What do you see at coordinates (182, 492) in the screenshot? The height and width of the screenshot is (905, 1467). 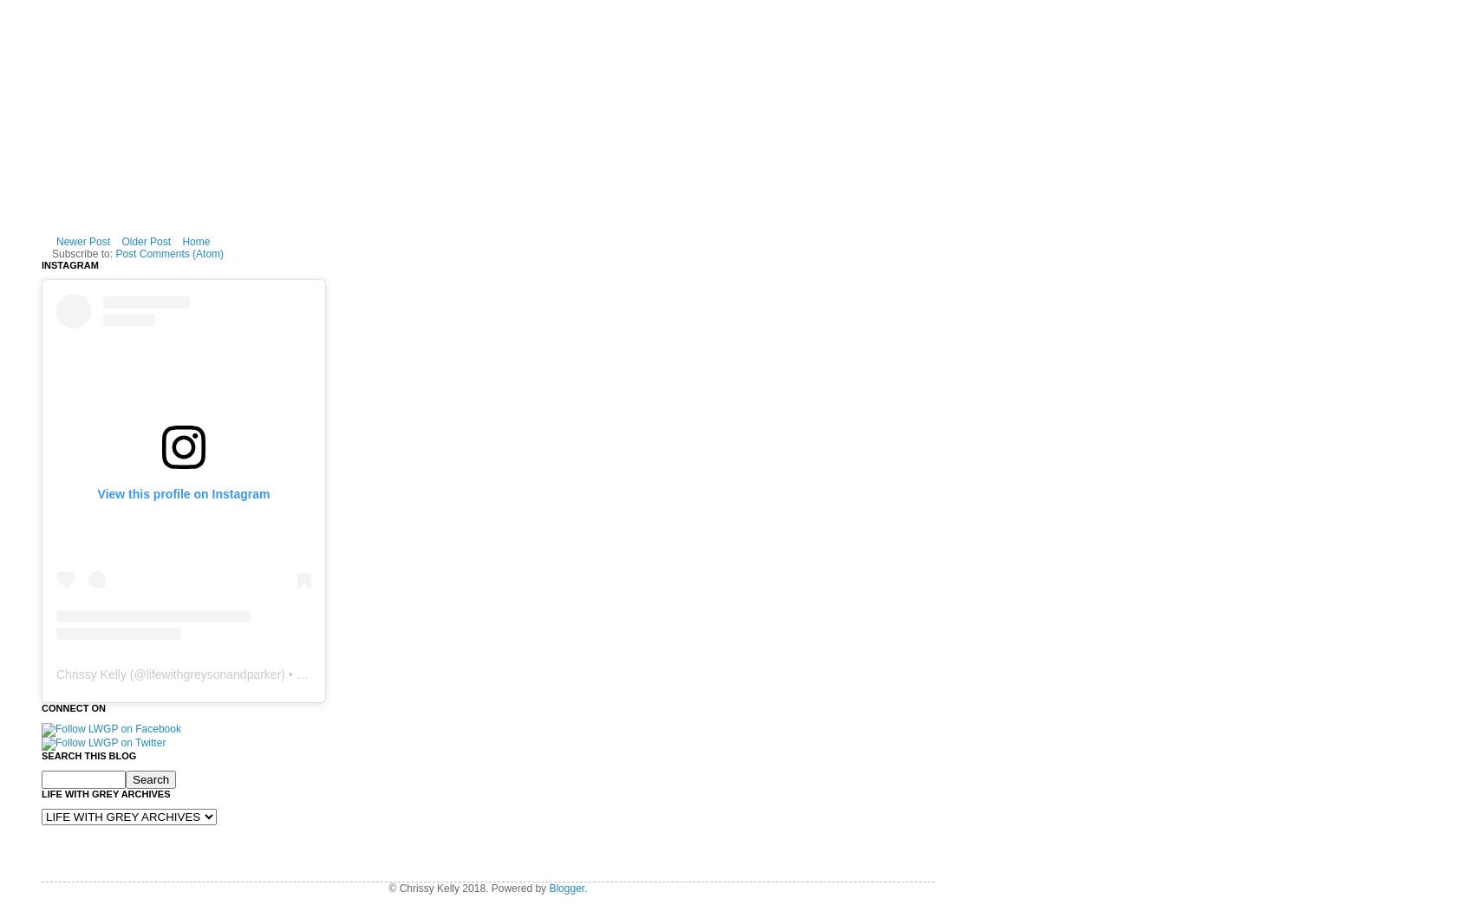 I see `'View this profile on Instagram'` at bounding box center [182, 492].